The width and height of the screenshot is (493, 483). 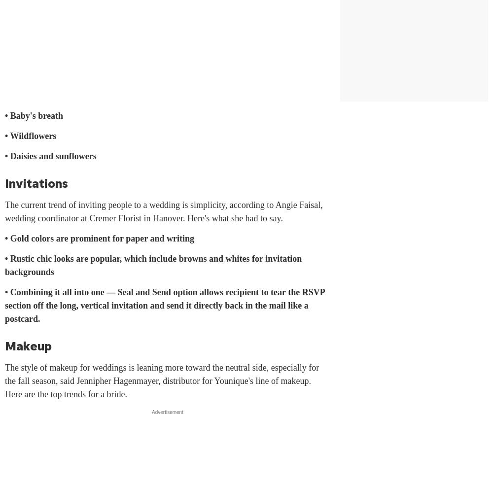 What do you see at coordinates (34, 116) in the screenshot?
I see `'• Baby's breath'` at bounding box center [34, 116].